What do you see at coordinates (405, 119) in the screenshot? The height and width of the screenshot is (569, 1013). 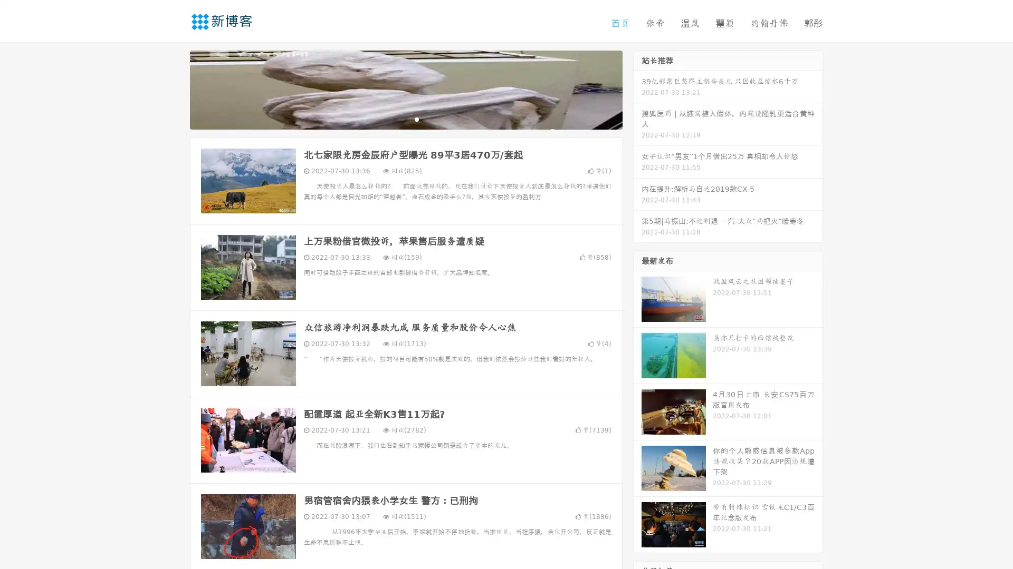 I see `Go to slide 2` at bounding box center [405, 119].